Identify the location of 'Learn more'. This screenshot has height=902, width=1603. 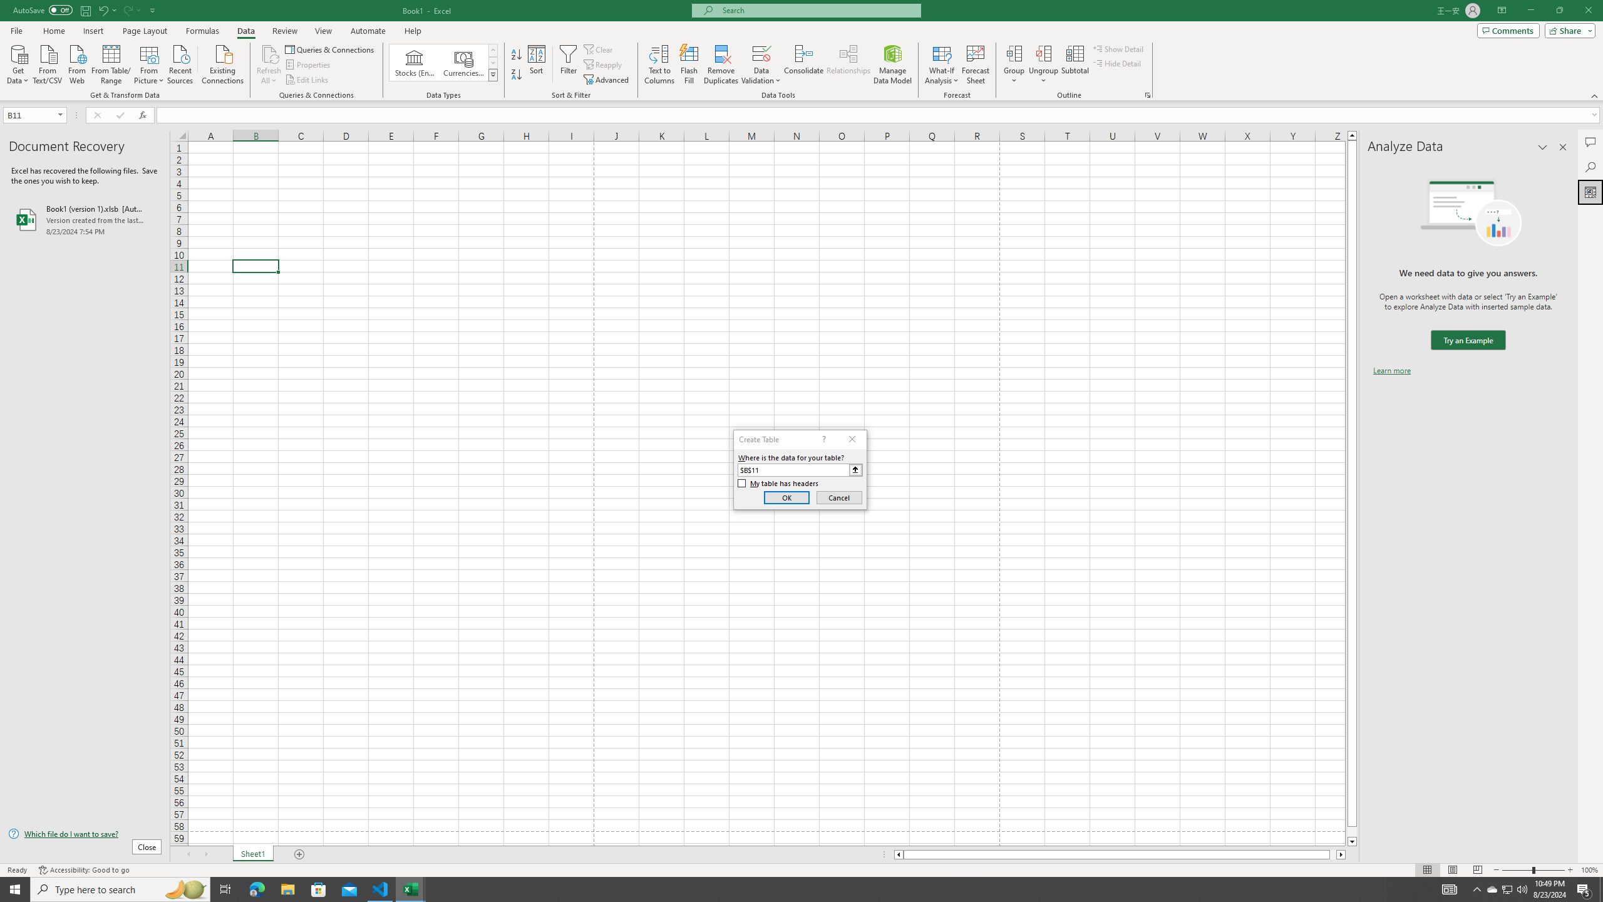
(1391, 370).